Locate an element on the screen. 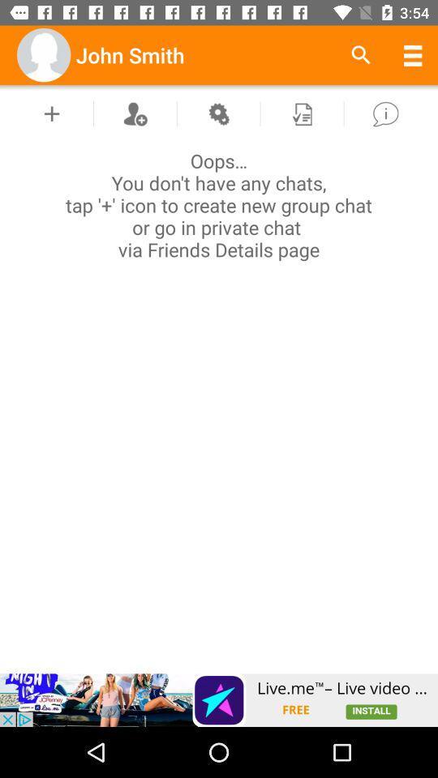  contacts is located at coordinates (134, 113).